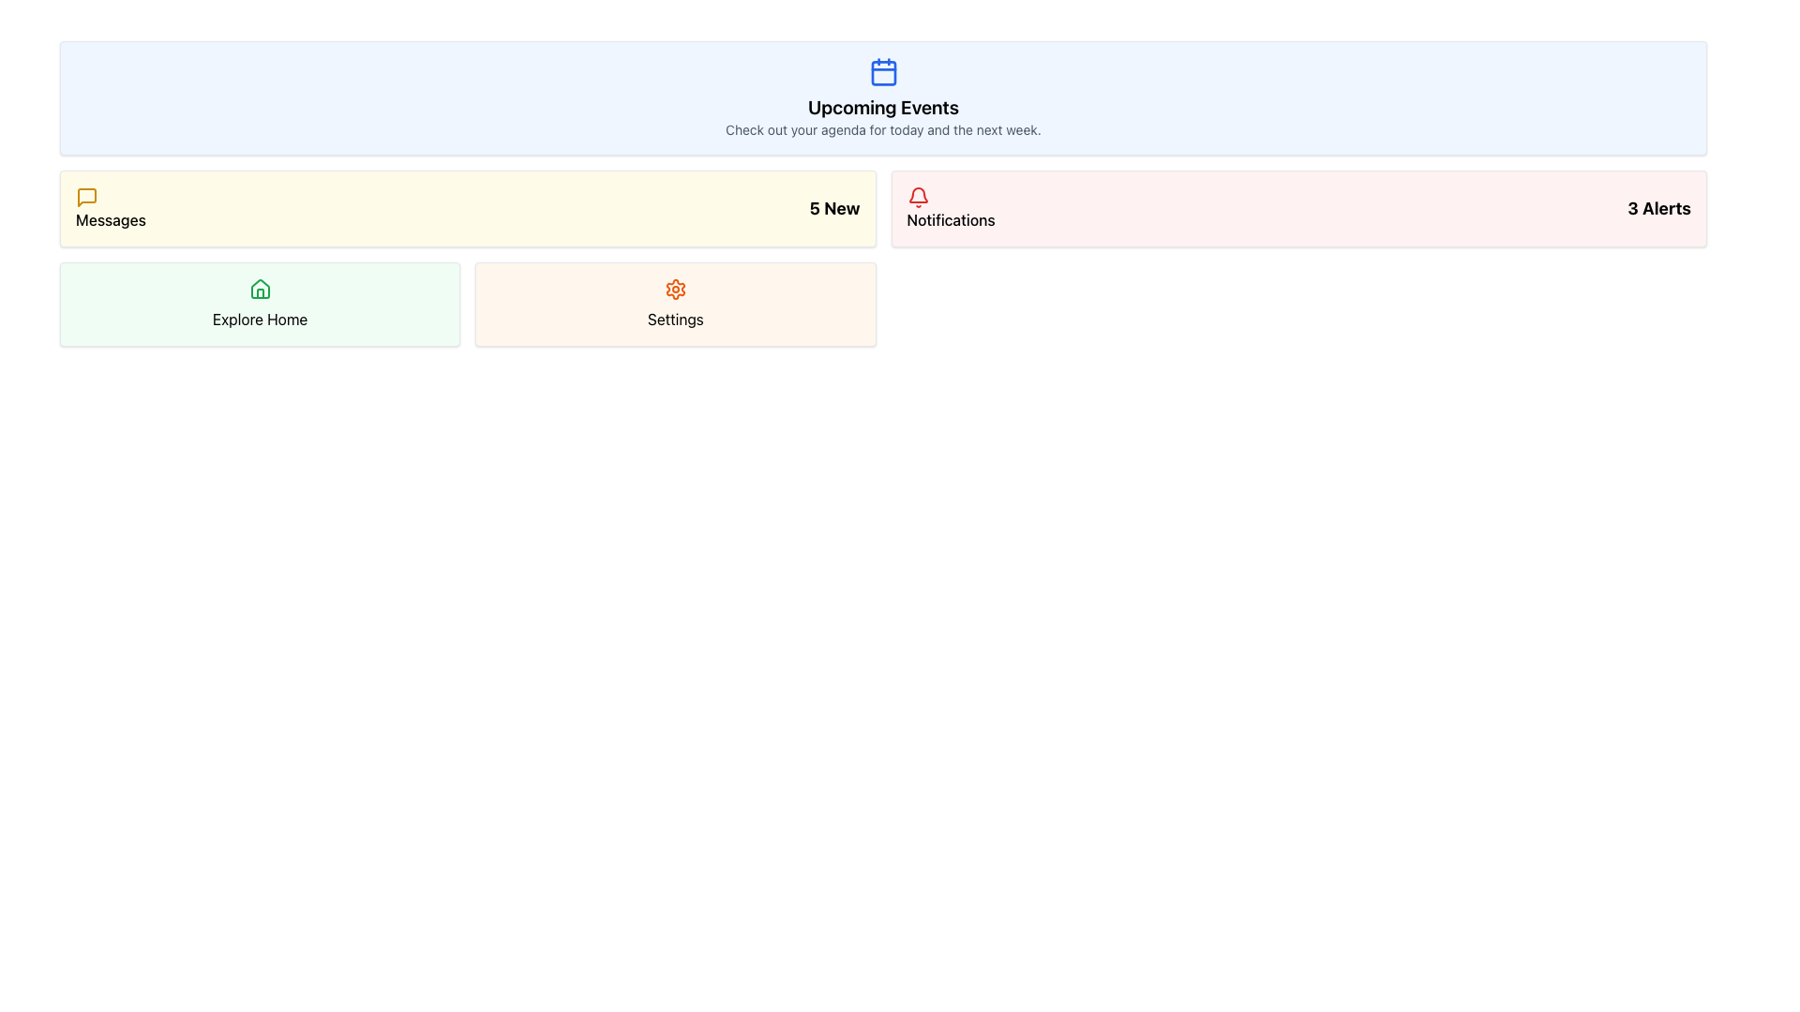  What do you see at coordinates (259, 303) in the screenshot?
I see `text 'Explore Home' from the Interactive Card with a light green background, located in the lower-left quadrant of the grid layout` at bounding box center [259, 303].